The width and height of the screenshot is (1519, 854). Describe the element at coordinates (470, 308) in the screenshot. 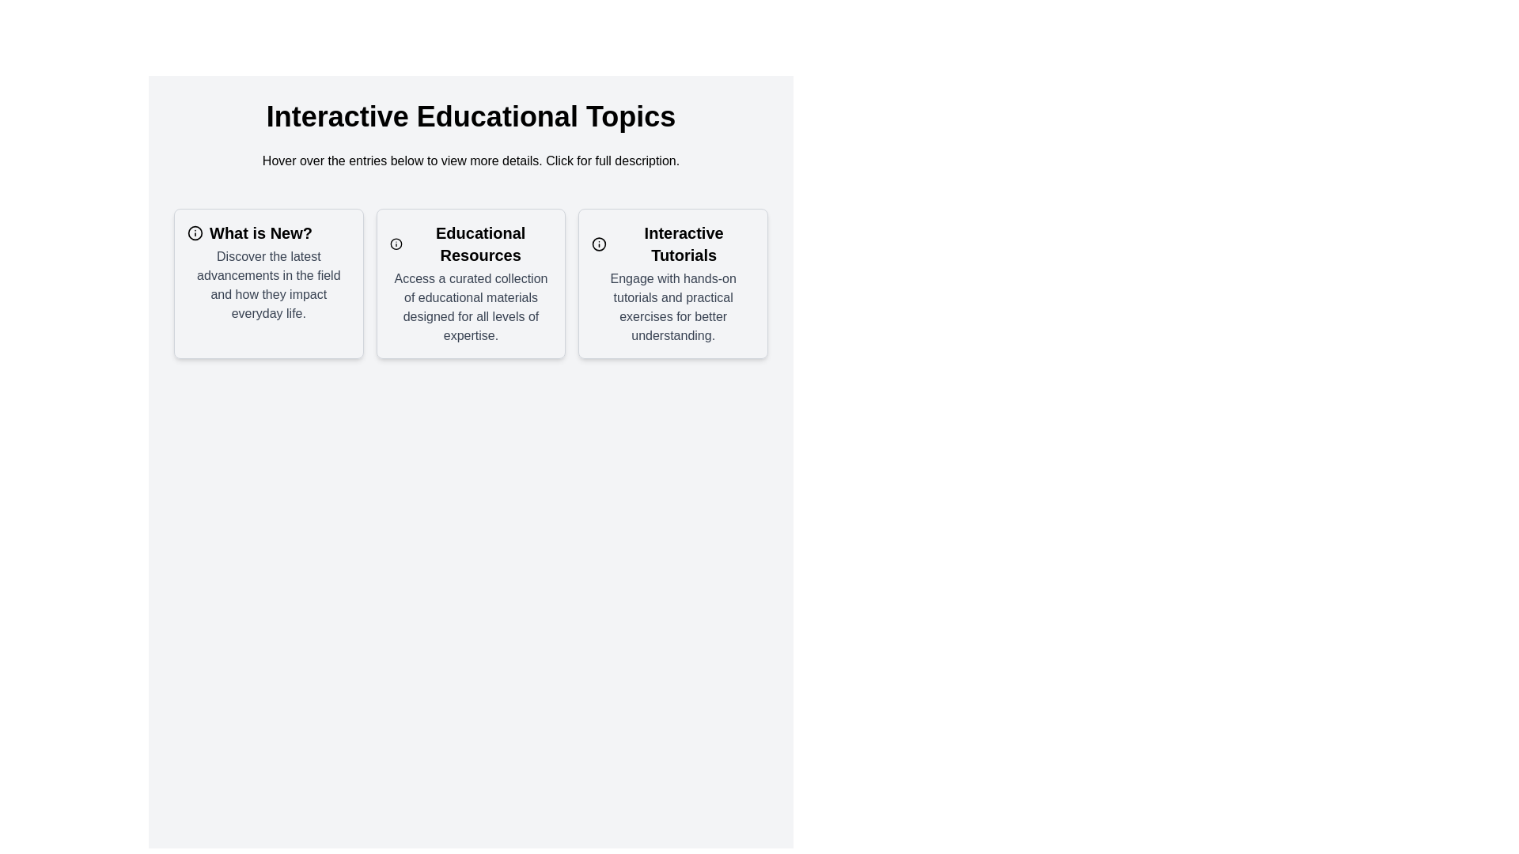

I see `the paragraph of text styled in gray color within the bordered card labeled 'Educational Resources'. This text describes the availability of educational materials` at that location.